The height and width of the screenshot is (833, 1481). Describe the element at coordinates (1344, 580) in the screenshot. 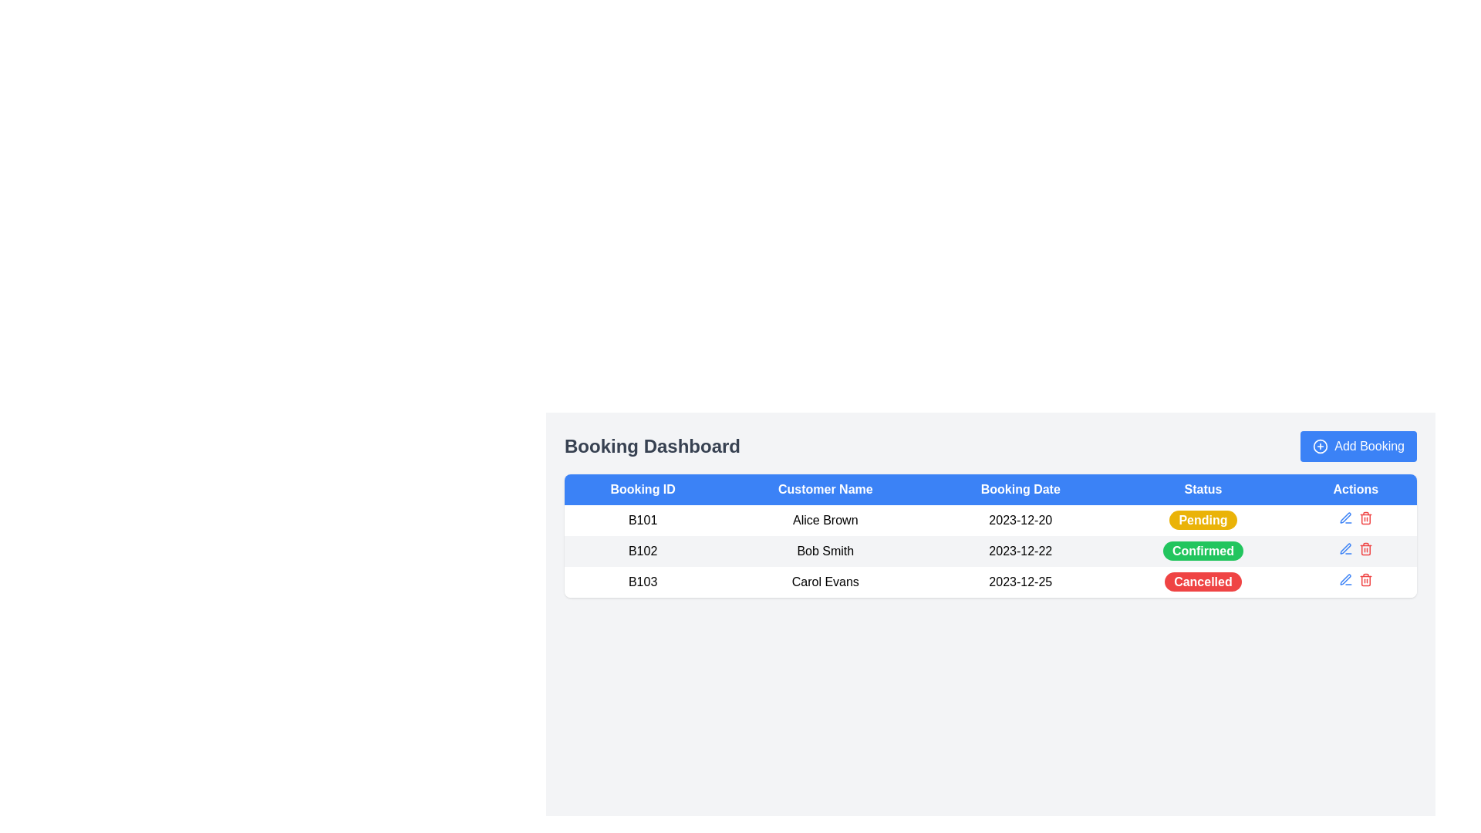

I see `the blue pen-shaped icon button in the 'Actions' column of the third row` at that location.